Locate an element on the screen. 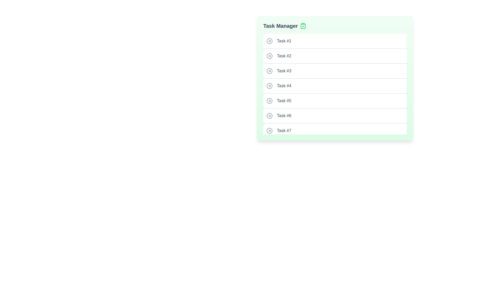  the task labeled Task #2 is located at coordinates (335, 56).